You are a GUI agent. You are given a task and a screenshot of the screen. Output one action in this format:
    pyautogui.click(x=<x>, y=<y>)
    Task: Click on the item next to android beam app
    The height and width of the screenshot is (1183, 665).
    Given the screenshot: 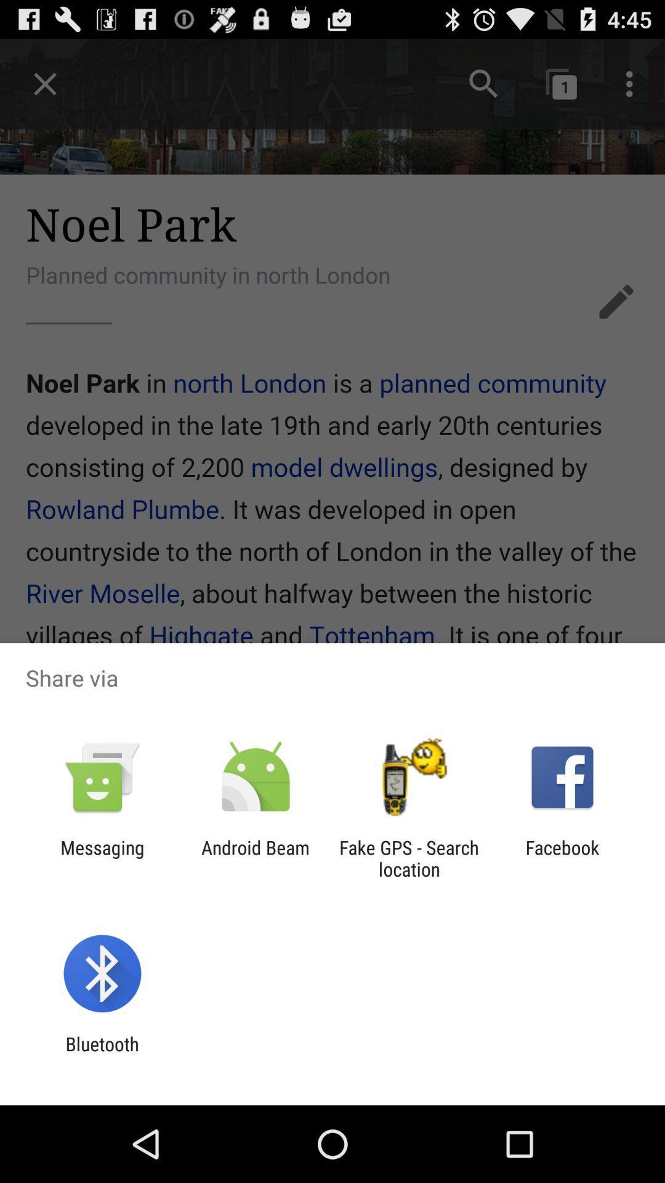 What is the action you would take?
    pyautogui.click(x=409, y=858)
    